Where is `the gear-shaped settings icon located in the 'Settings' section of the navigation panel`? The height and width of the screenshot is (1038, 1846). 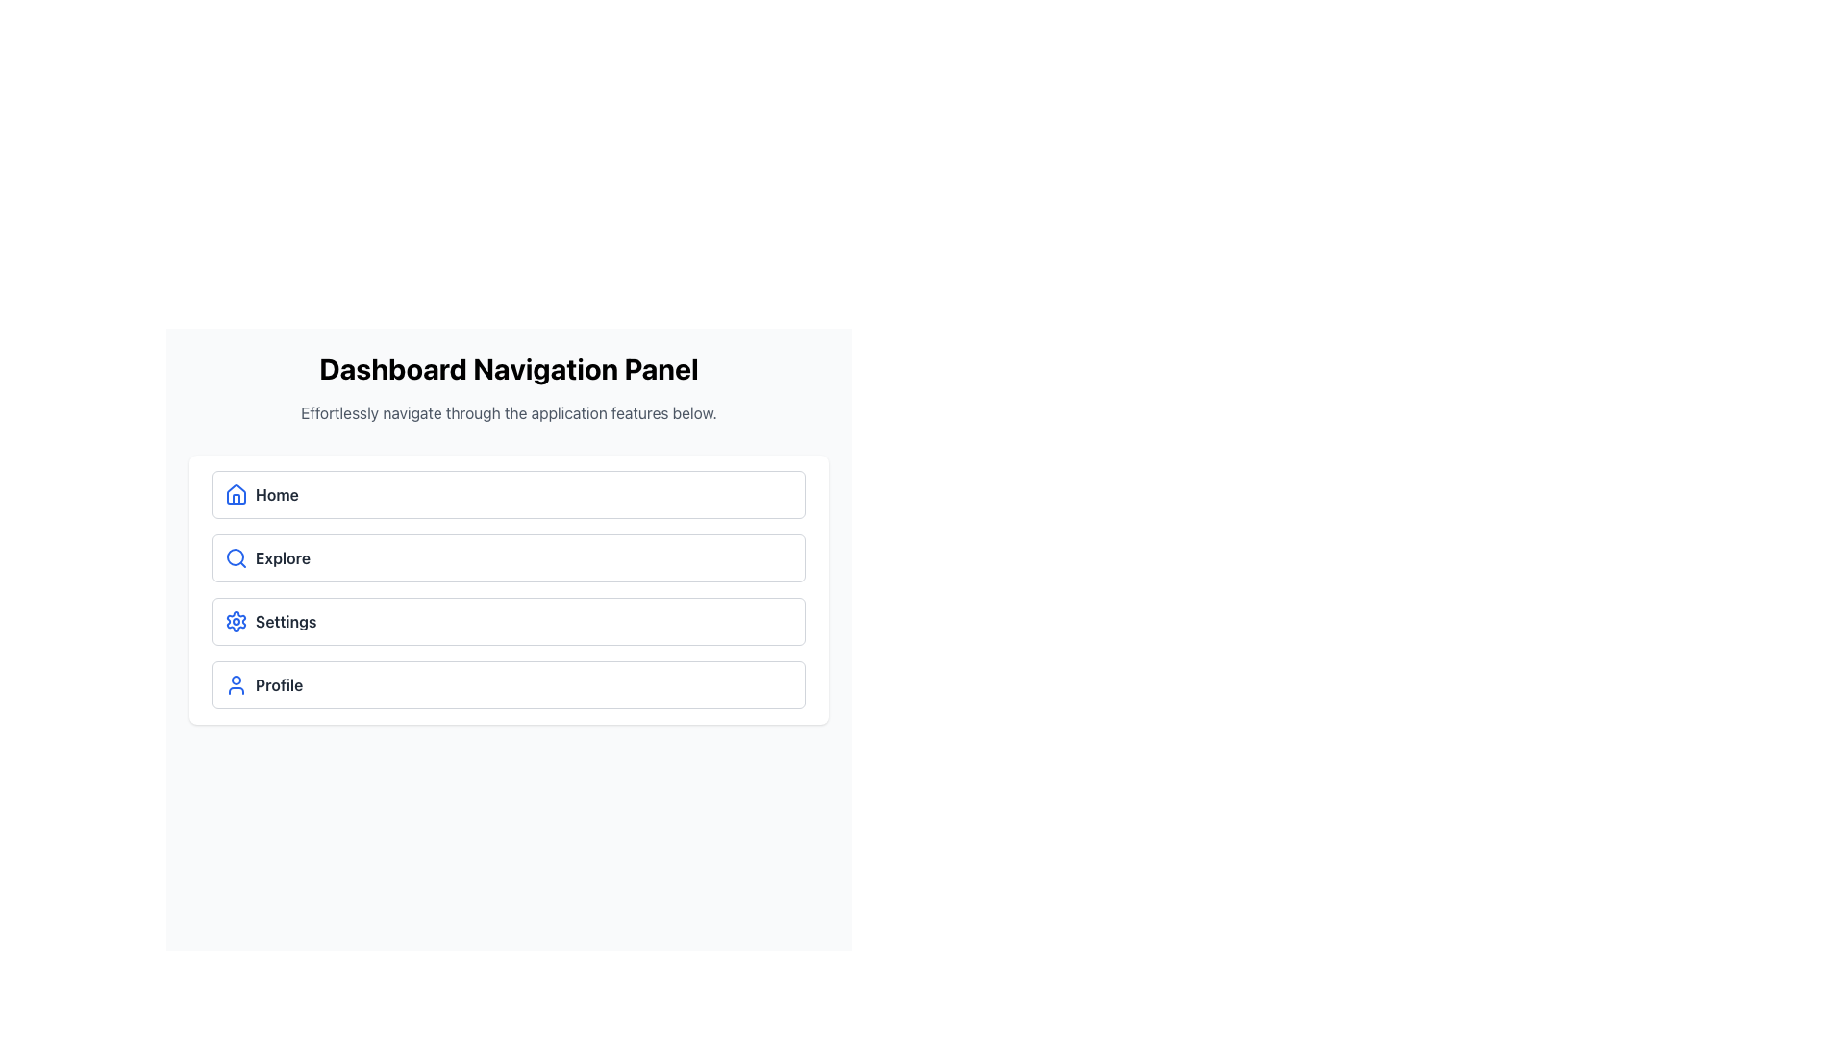
the gear-shaped settings icon located in the 'Settings' section of the navigation panel is located at coordinates (235, 622).